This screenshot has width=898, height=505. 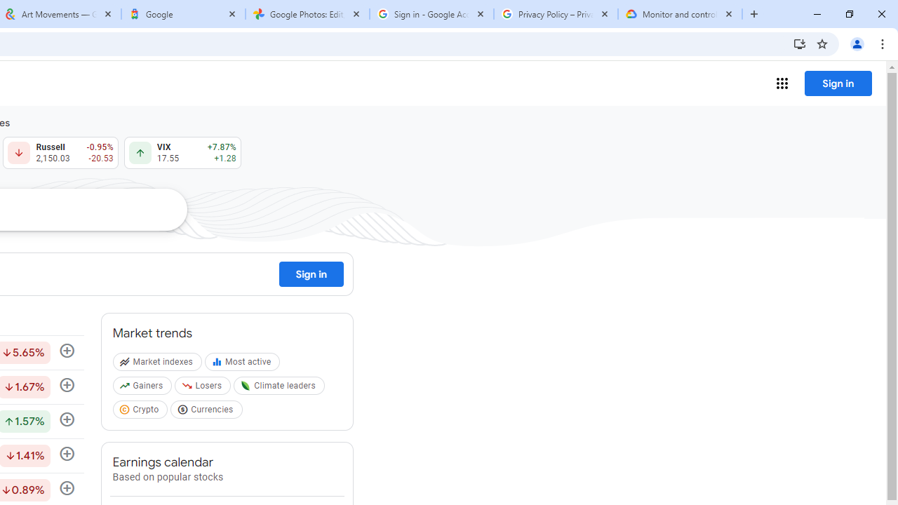 I want to click on 'Gainers', so click(x=143, y=389).